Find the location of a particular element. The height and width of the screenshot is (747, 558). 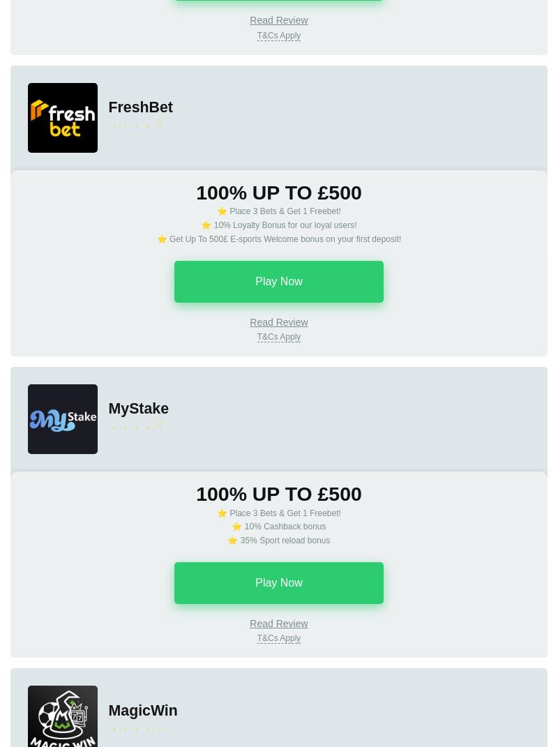

'⭐ 35% Sport reload bonus' is located at coordinates (227, 539).